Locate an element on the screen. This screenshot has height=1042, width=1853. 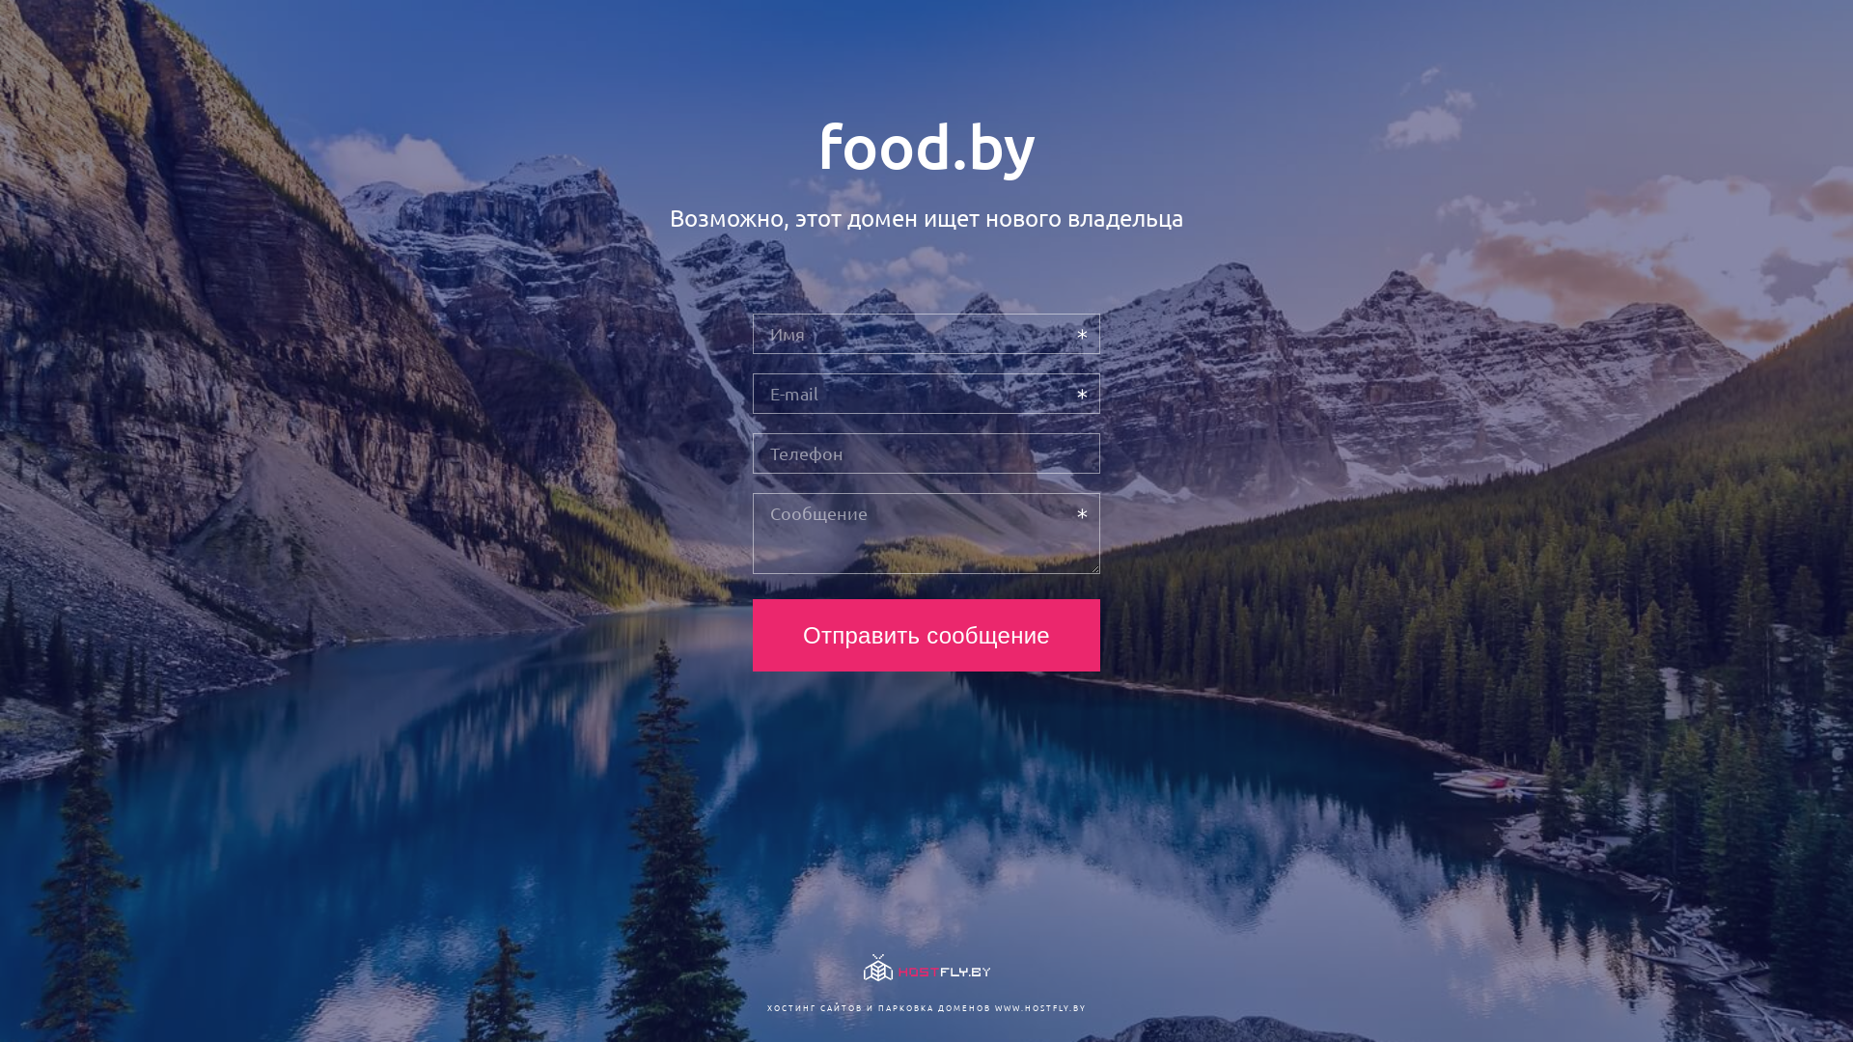
'WWW.HOSTFLY.BY' is located at coordinates (1038, 1006).